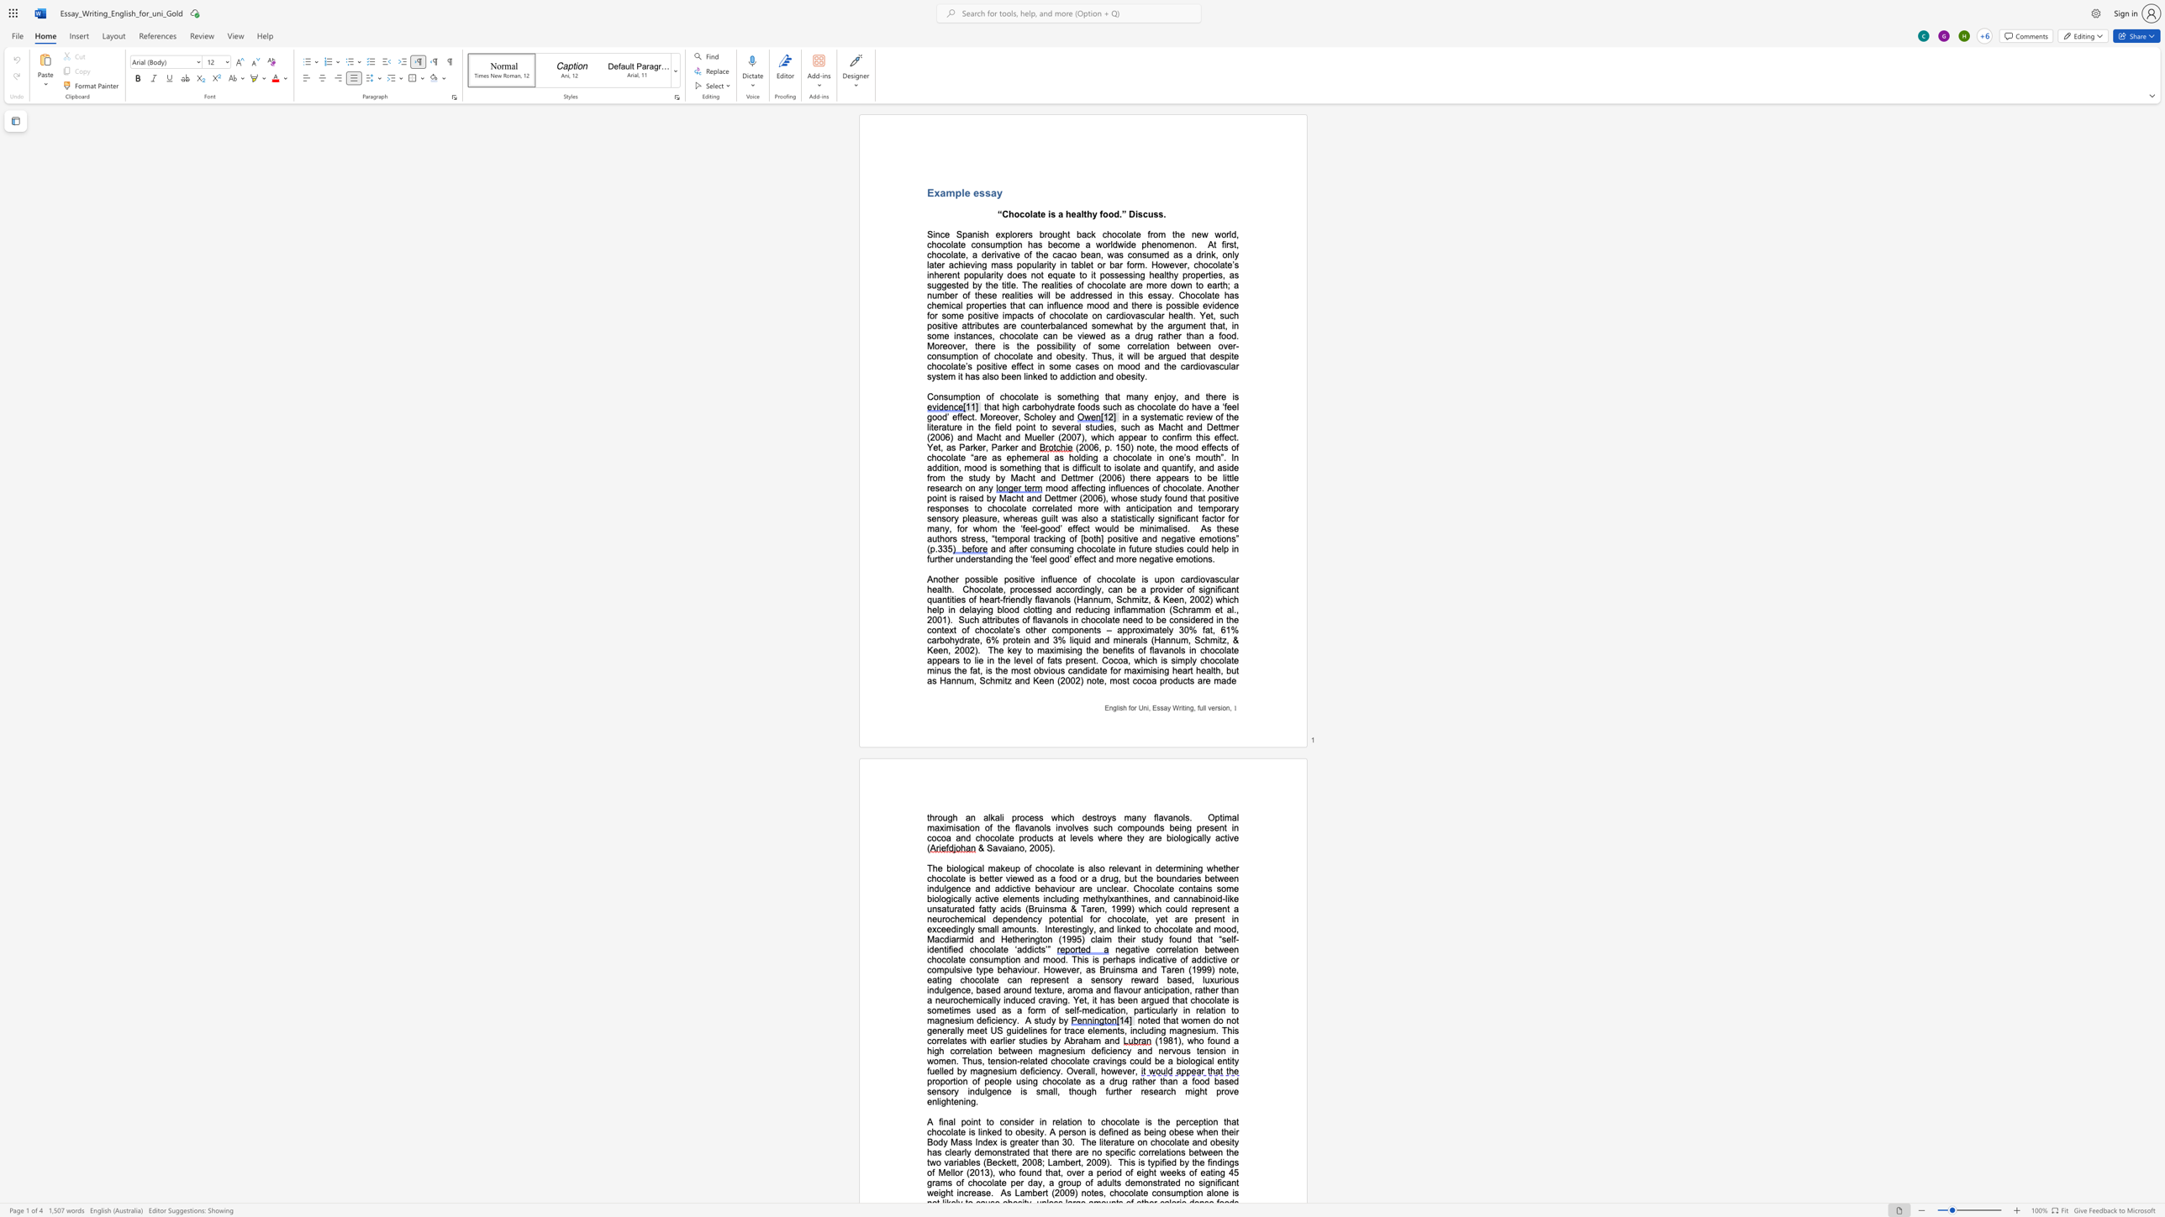 The height and width of the screenshot is (1217, 2165). Describe the element at coordinates (1162, 214) in the screenshot. I see `the space between the continuous character "s" and "." in the text` at that location.